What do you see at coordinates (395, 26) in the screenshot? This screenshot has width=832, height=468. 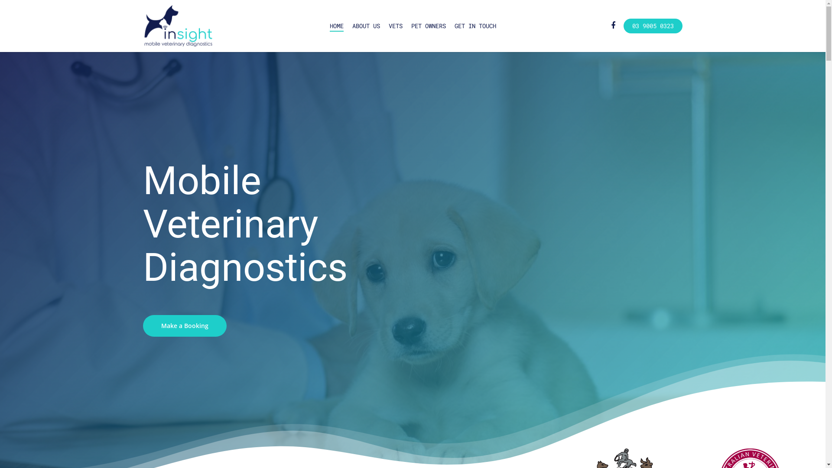 I see `'VETS'` at bounding box center [395, 26].